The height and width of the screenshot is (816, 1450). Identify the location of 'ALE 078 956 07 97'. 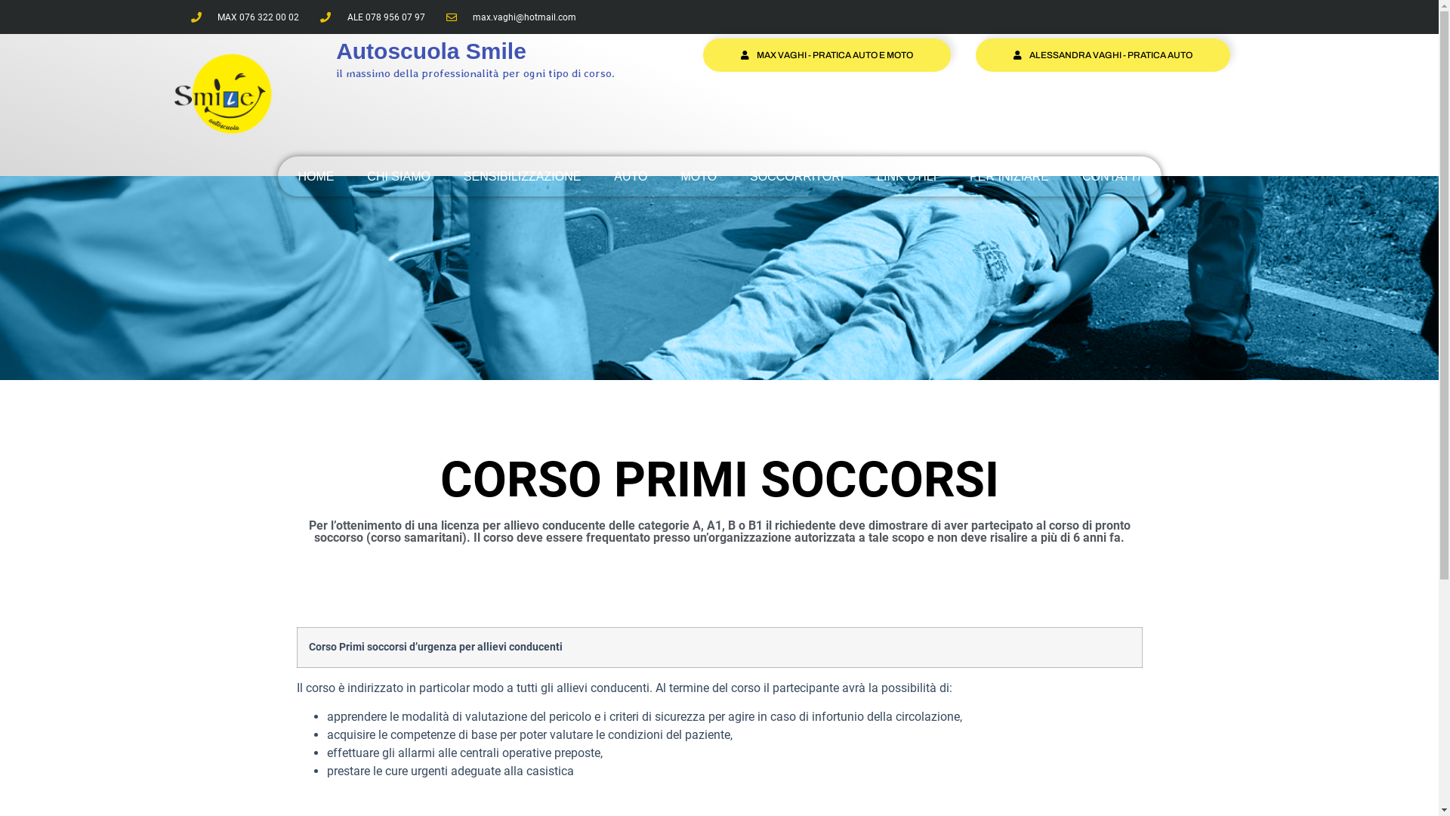
(372, 17).